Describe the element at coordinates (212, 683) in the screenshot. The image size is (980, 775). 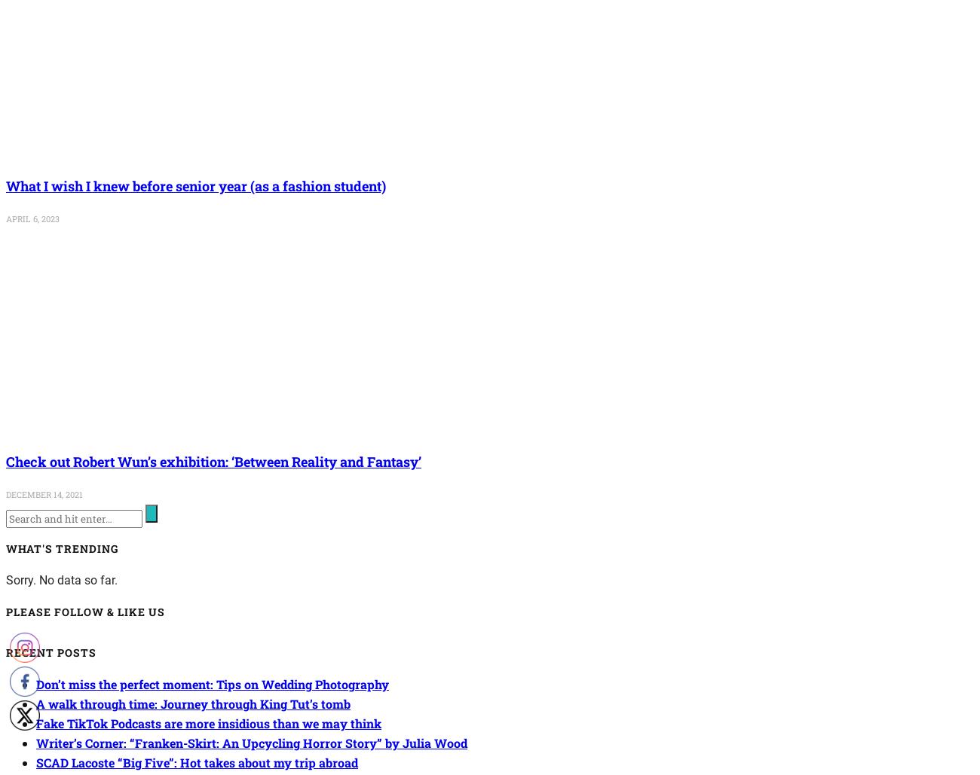
I see `'Don’t miss the perfect moment: Tips on Wedding Photography'` at that location.